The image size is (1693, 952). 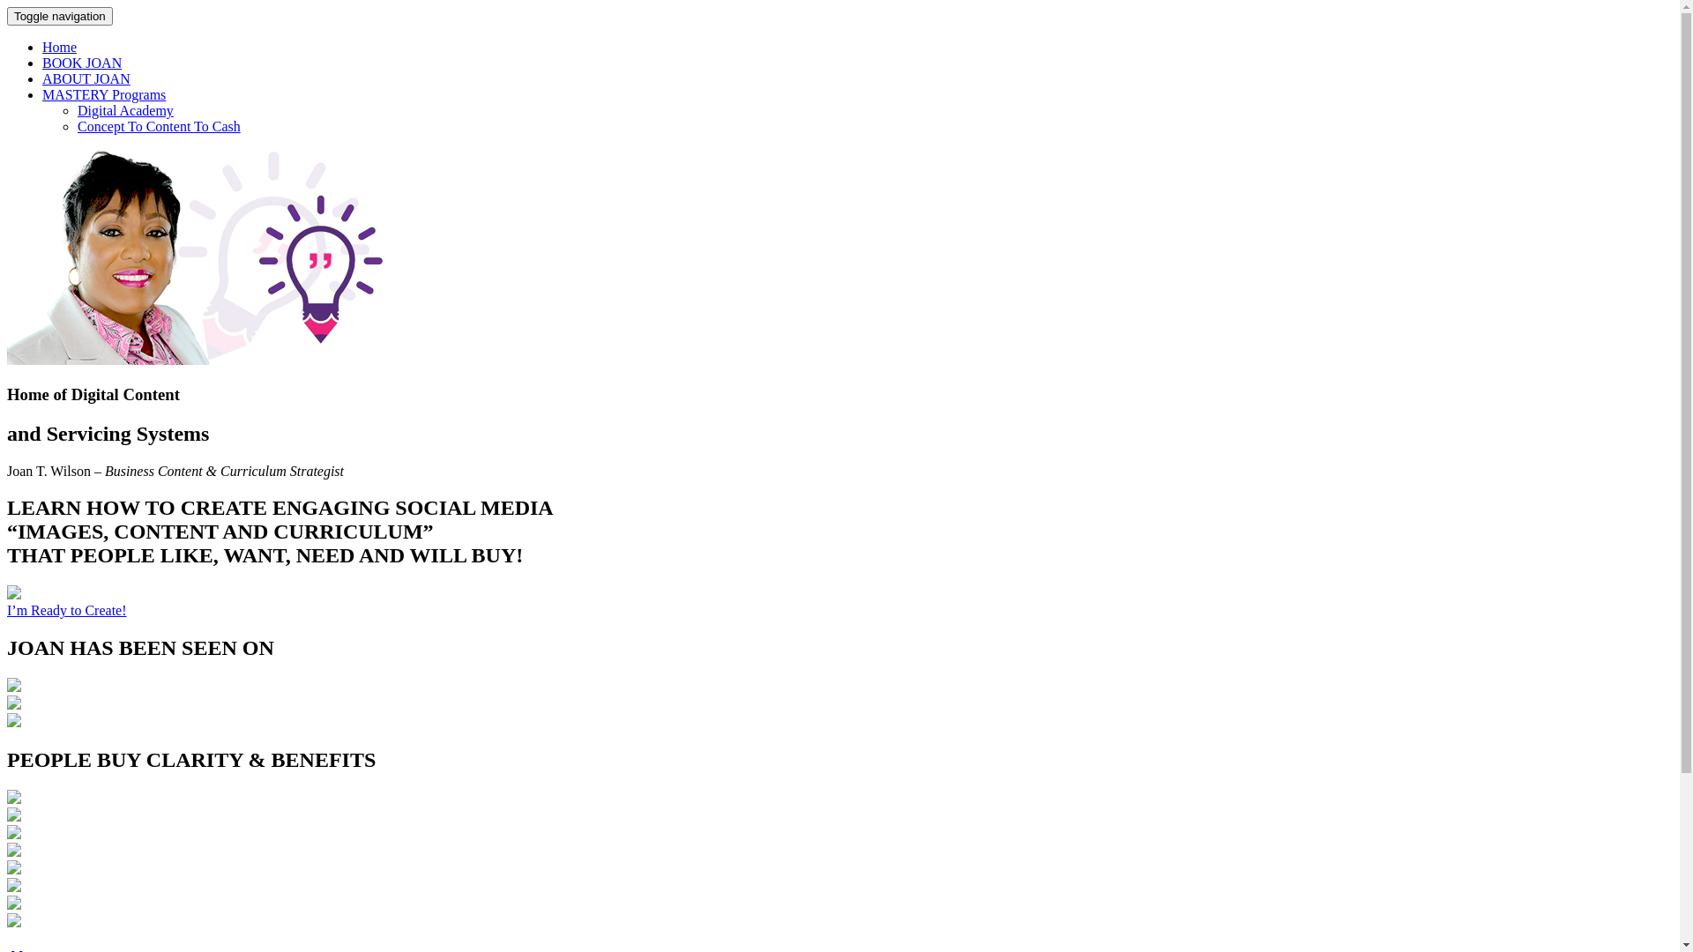 I want to click on 'Concept To Content To Cash', so click(x=76, y=125).